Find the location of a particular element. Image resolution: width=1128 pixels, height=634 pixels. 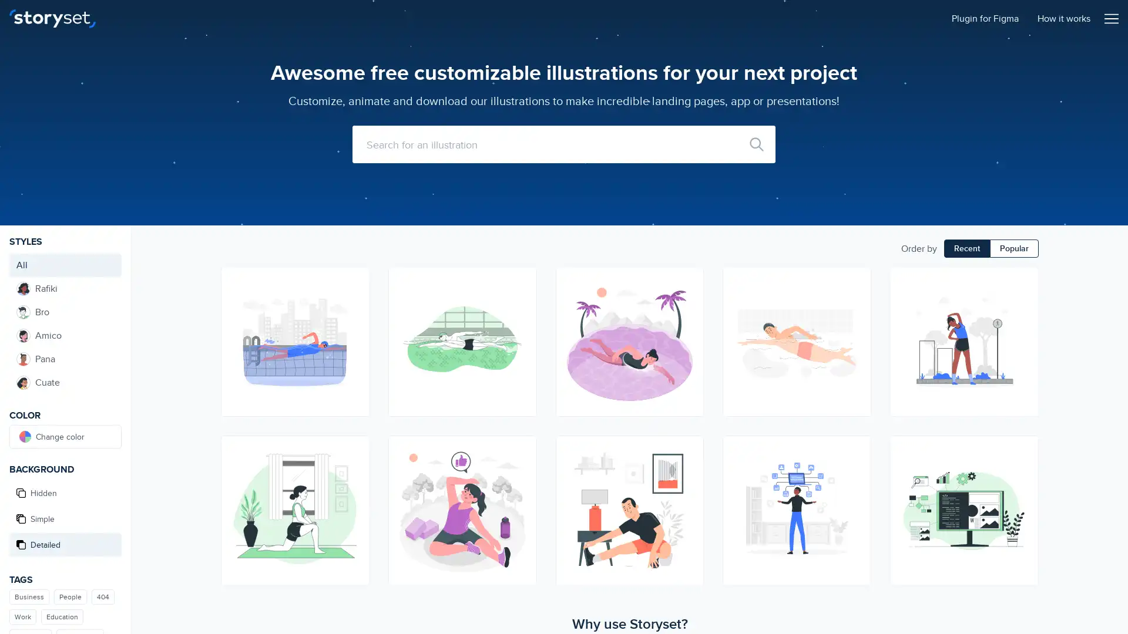

Pinterest icon Save is located at coordinates (689, 491).